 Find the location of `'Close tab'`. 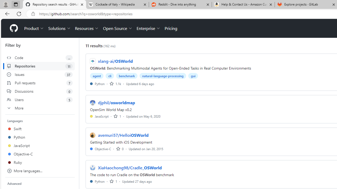

'Close tab' is located at coordinates (333, 4).